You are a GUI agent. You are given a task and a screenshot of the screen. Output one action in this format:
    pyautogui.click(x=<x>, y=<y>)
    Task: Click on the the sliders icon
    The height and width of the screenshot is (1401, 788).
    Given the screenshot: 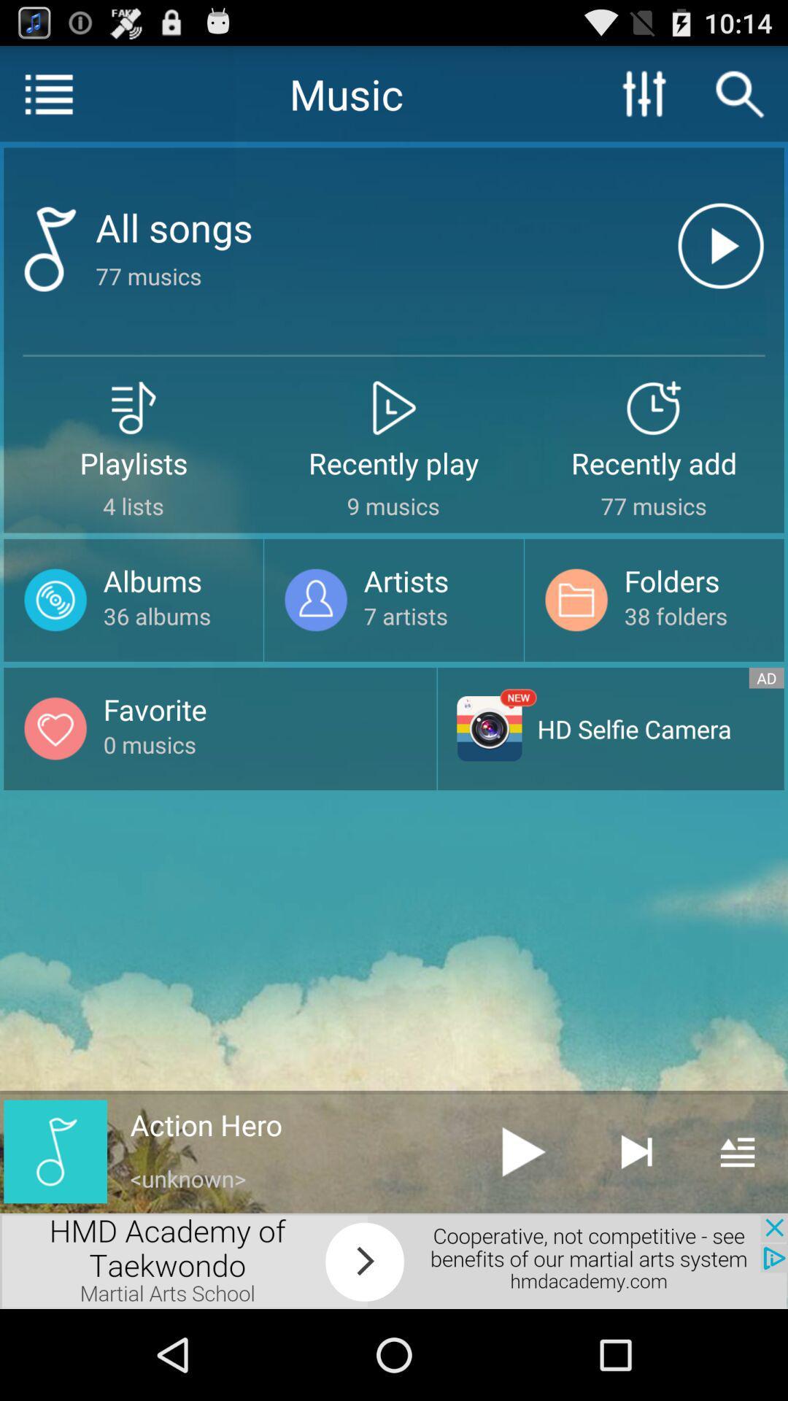 What is the action you would take?
    pyautogui.click(x=644, y=99)
    